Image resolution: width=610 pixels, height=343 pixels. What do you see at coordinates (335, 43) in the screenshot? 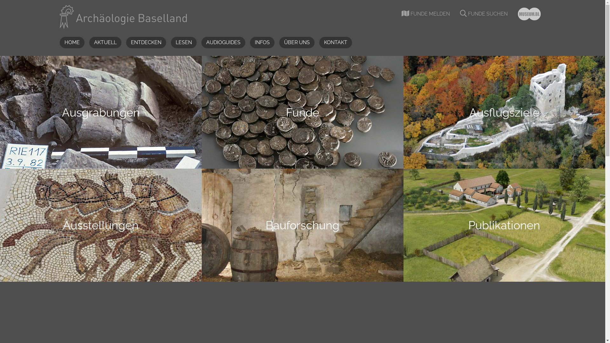
I see `'KONTAKT'` at bounding box center [335, 43].